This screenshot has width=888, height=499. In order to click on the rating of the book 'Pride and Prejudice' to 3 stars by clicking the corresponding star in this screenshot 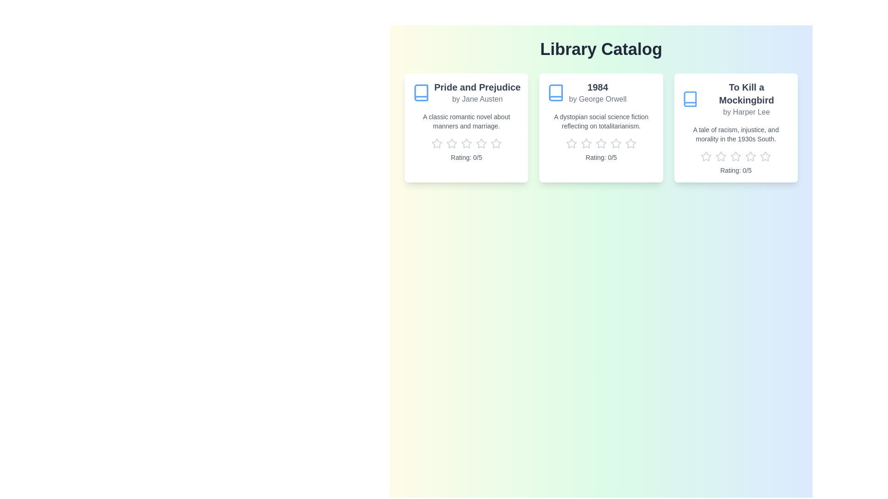, I will do `click(466, 144)`.